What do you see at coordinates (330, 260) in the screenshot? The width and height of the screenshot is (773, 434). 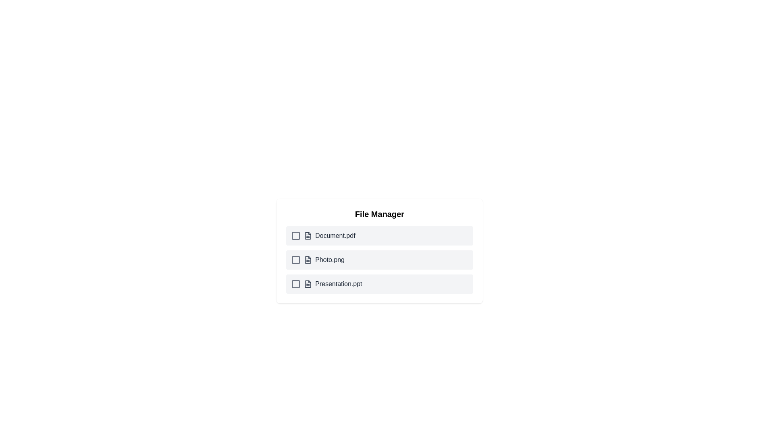 I see `the text label displaying the name of a file in the second row of the file manager interface` at bounding box center [330, 260].